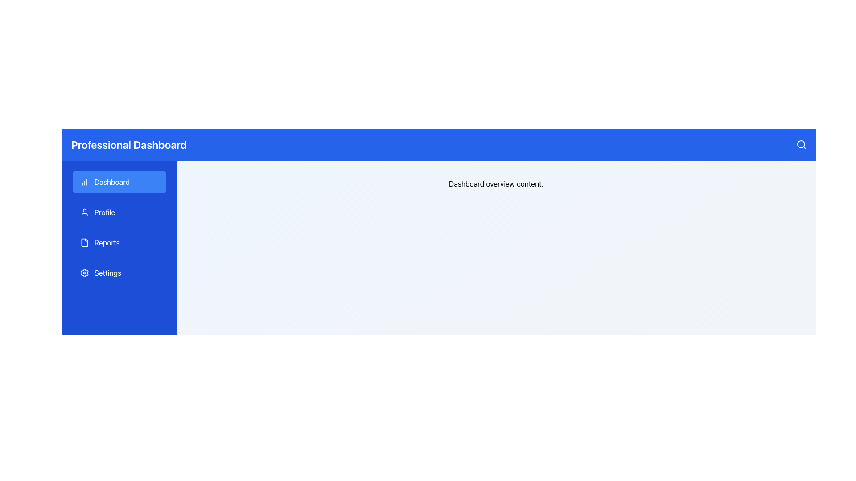 This screenshot has width=856, height=481. I want to click on the bar chart icon located in the highlighted blue box to the left of the 'Dashboard' text in the sidebar, so click(85, 181).